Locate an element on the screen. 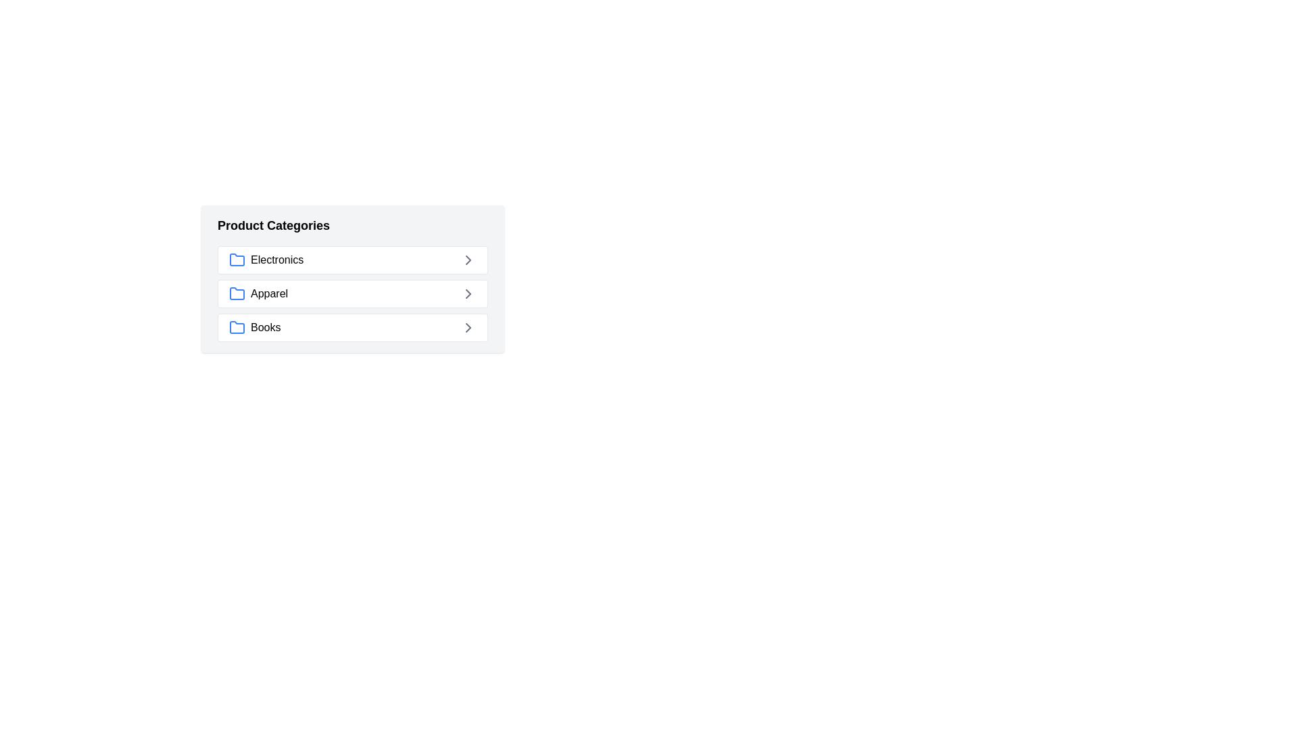 This screenshot has height=730, width=1298. the first Category selection item labeled 'Electronics' is located at coordinates (353, 260).